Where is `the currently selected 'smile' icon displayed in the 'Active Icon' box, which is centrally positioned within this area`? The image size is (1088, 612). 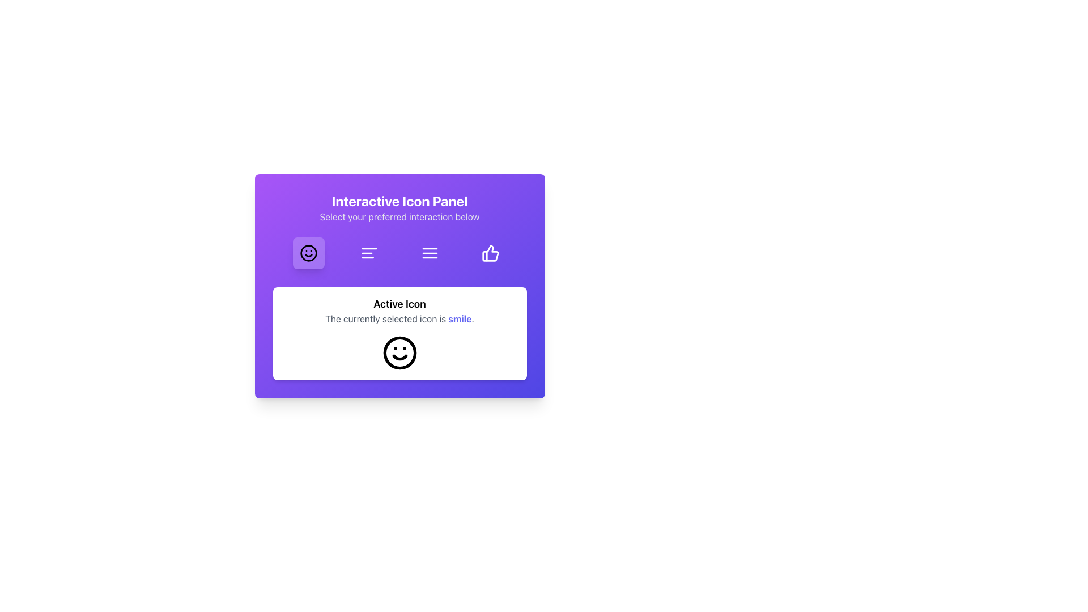 the currently selected 'smile' icon displayed in the 'Active Icon' box, which is centrally positioned within this area is located at coordinates (399, 352).